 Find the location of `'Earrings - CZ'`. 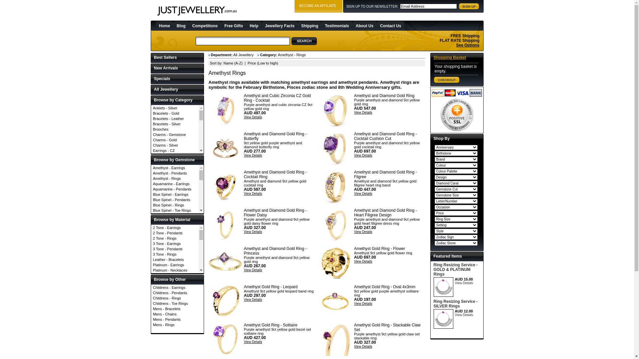

'Earrings - CZ' is located at coordinates (151, 150).